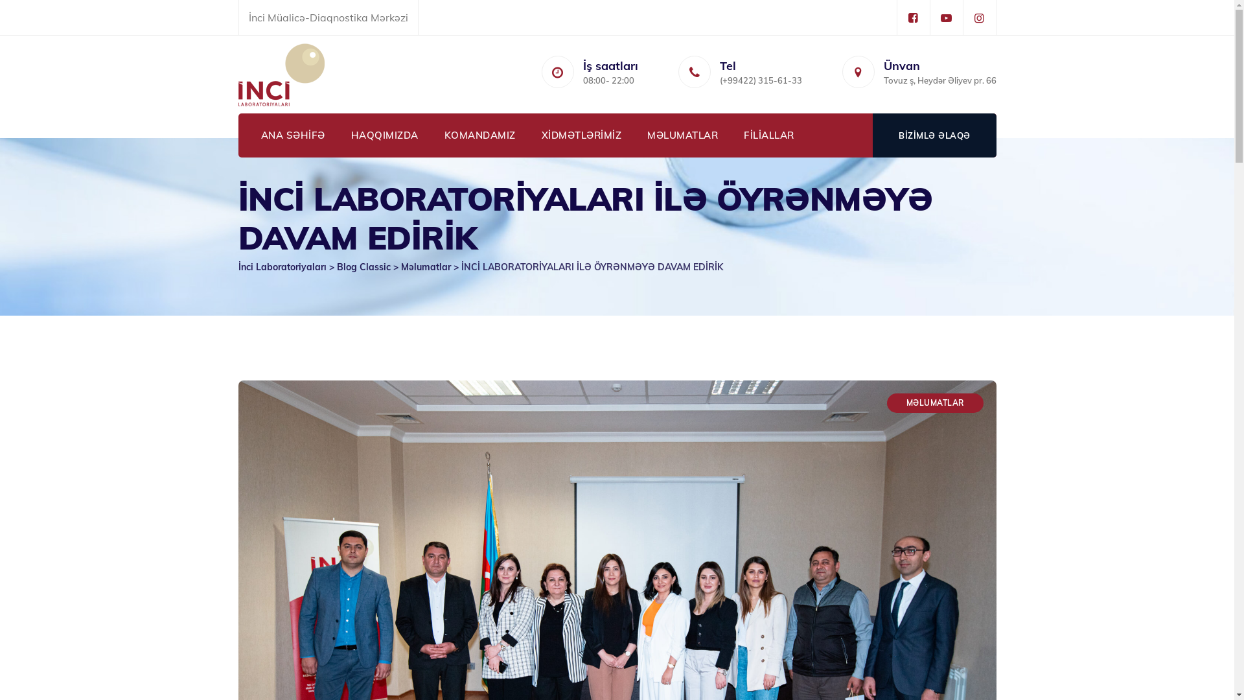  Describe the element at coordinates (384, 135) in the screenshot. I see `'HAQQIMIZDA'` at that location.